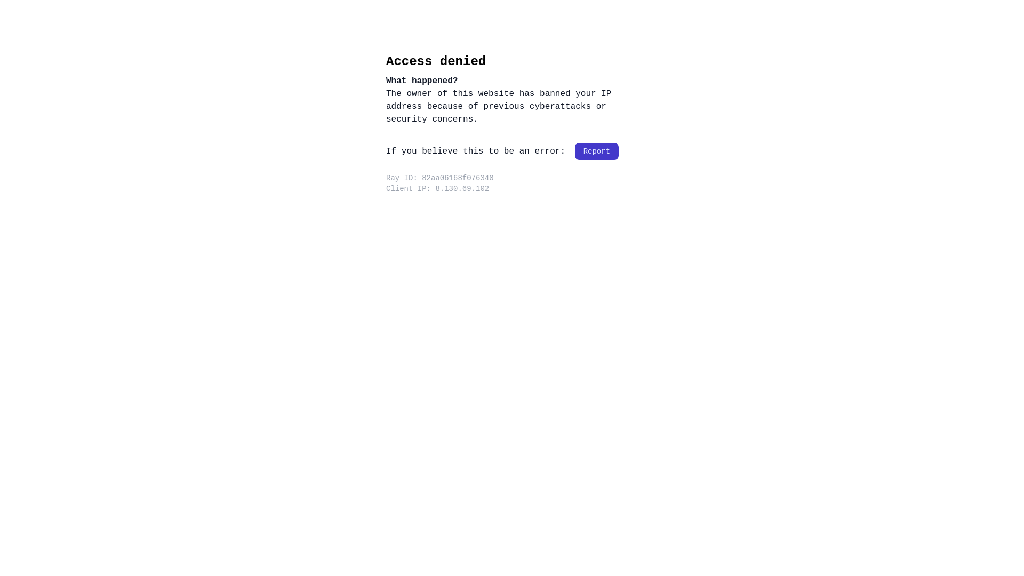 The image size is (1024, 576). Describe the element at coordinates (596, 151) in the screenshot. I see `'Report'` at that location.